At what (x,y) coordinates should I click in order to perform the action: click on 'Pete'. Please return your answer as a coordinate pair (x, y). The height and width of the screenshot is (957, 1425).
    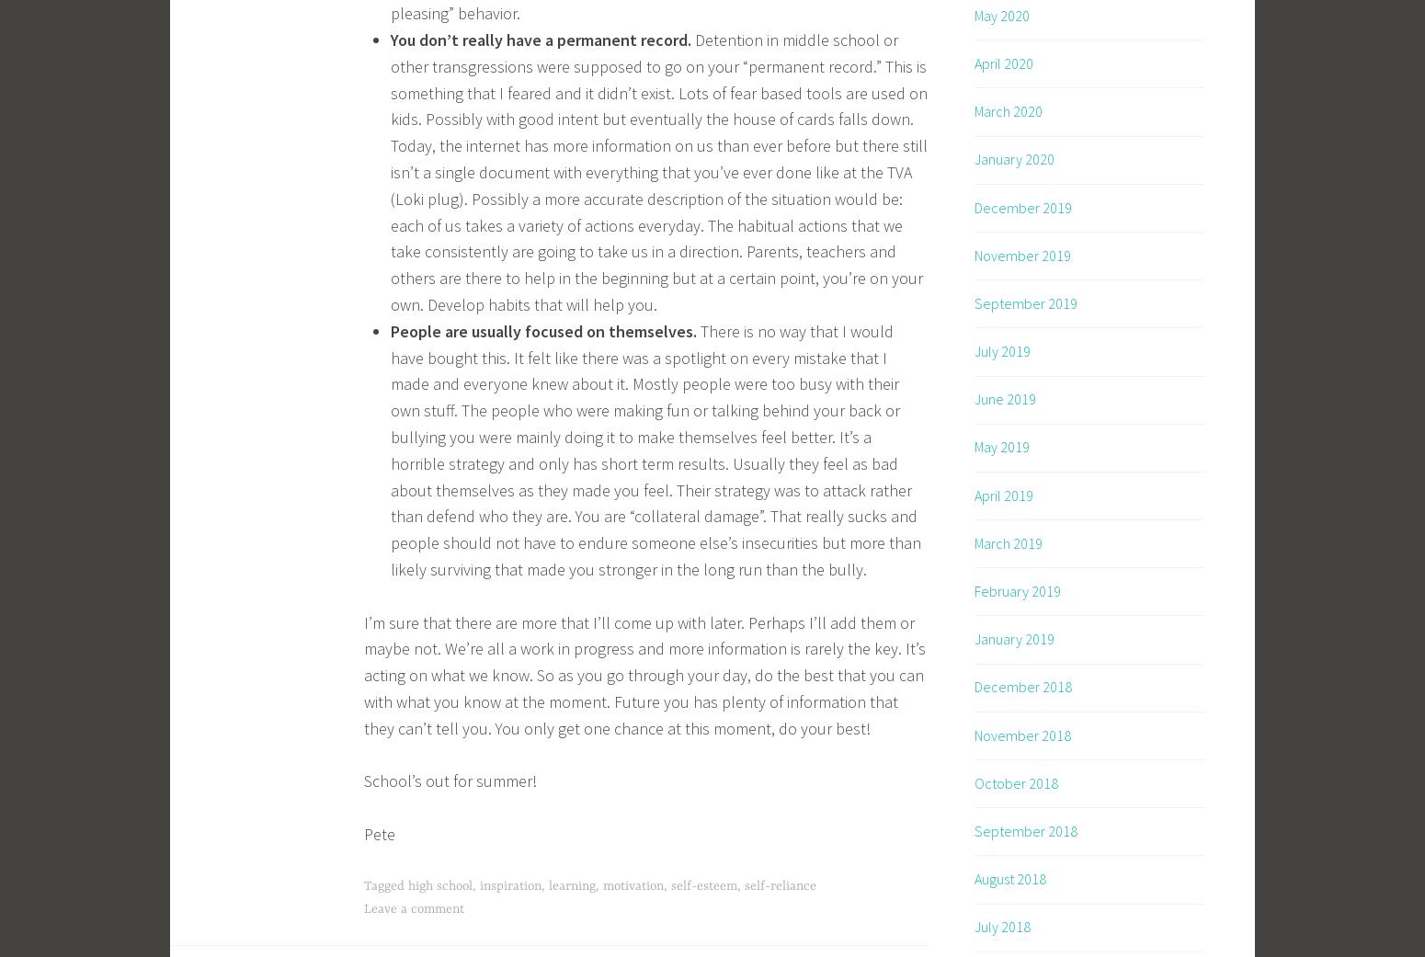
    Looking at the image, I should click on (380, 832).